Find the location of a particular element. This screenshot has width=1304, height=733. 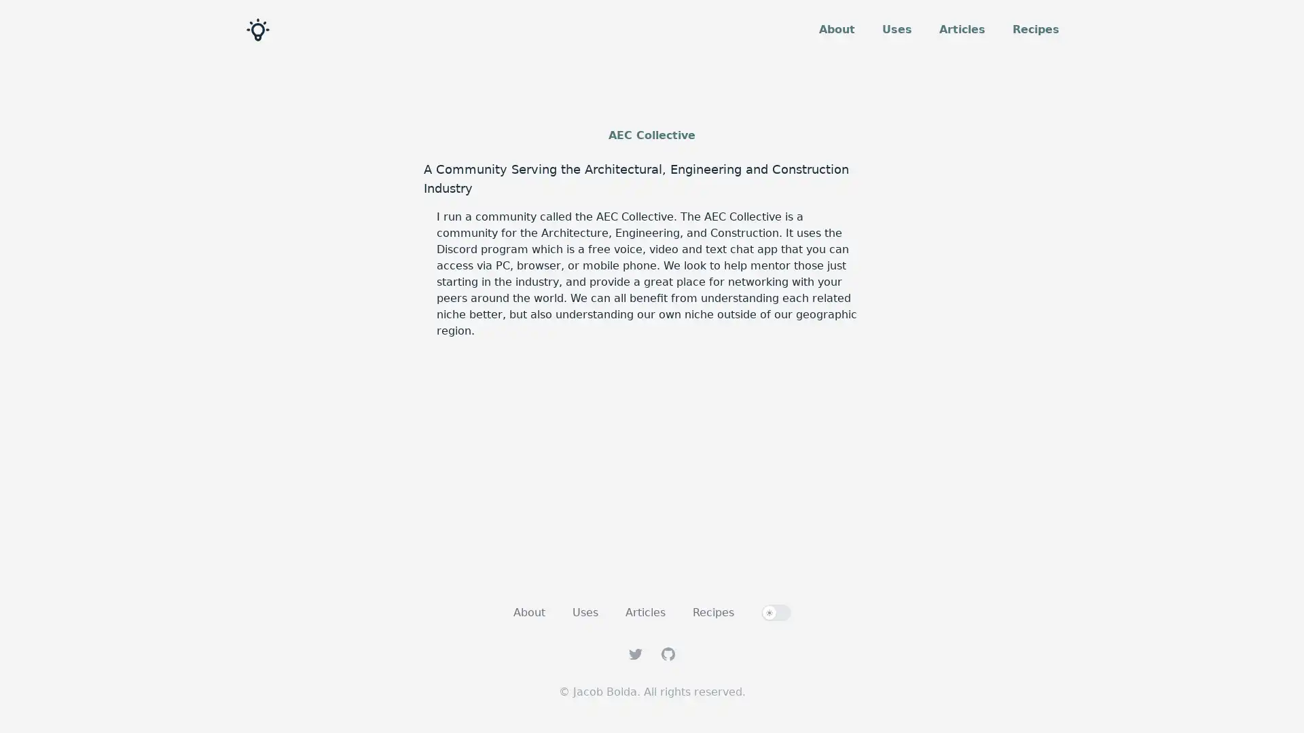

toggle dark mode is located at coordinates (776, 612).